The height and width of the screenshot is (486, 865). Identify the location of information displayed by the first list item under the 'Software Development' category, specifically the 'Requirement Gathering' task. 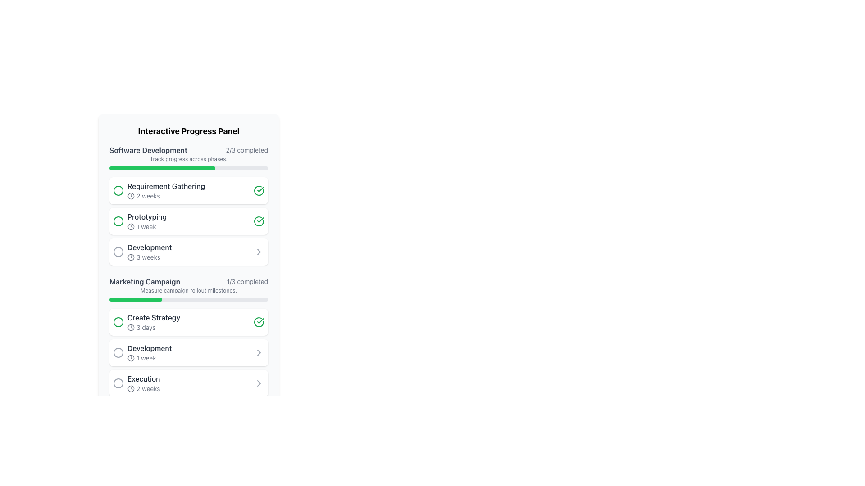
(159, 190).